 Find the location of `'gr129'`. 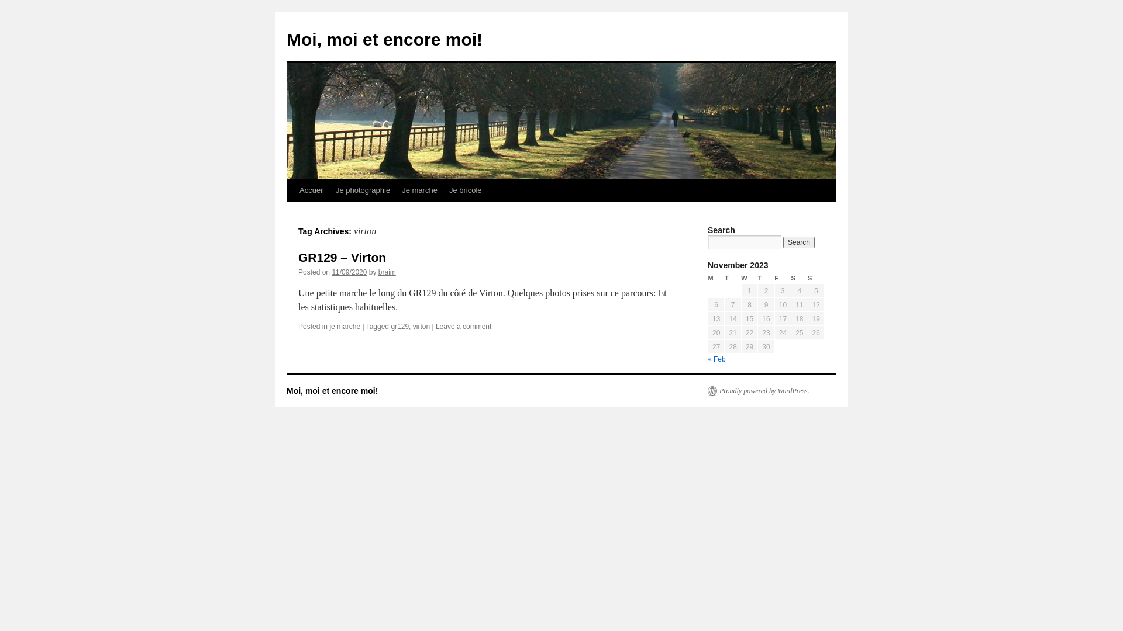

'gr129' is located at coordinates (399, 327).